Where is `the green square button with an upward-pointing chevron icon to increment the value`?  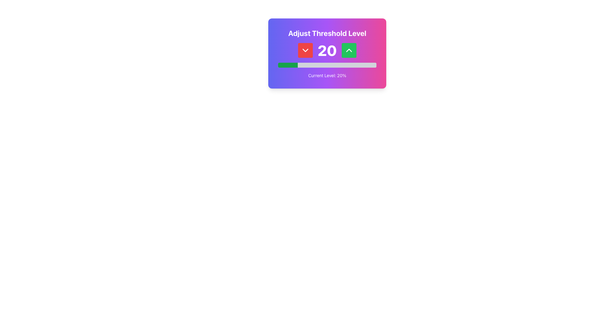 the green square button with an upward-pointing chevron icon to increment the value is located at coordinates (349, 50).